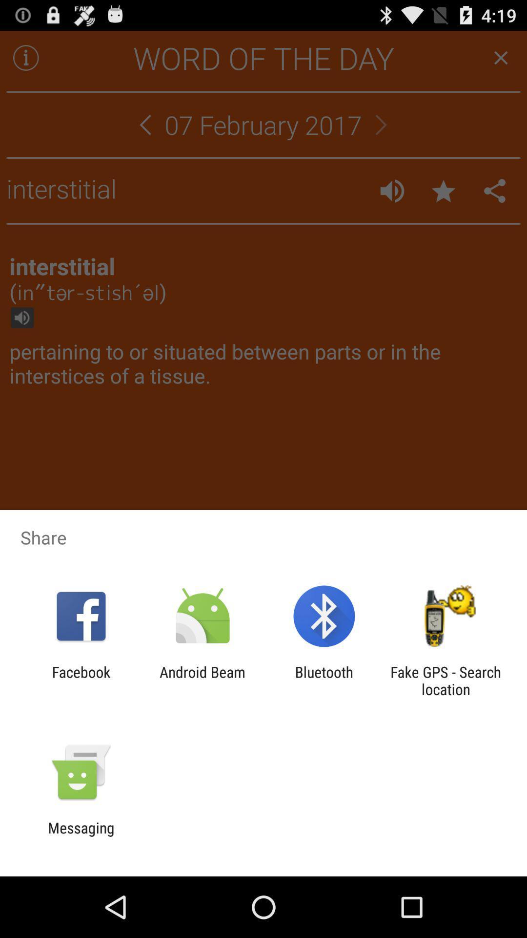 This screenshot has width=527, height=938. What do you see at coordinates (202, 680) in the screenshot?
I see `app to the left of the bluetooth item` at bounding box center [202, 680].